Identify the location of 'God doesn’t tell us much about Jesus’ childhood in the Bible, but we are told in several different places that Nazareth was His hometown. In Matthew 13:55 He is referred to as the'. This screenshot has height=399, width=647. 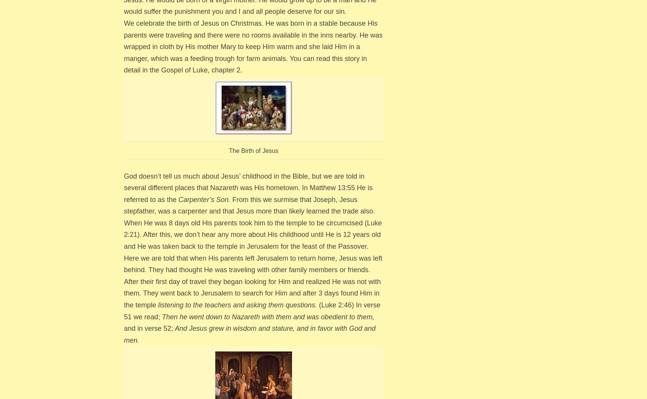
(124, 187).